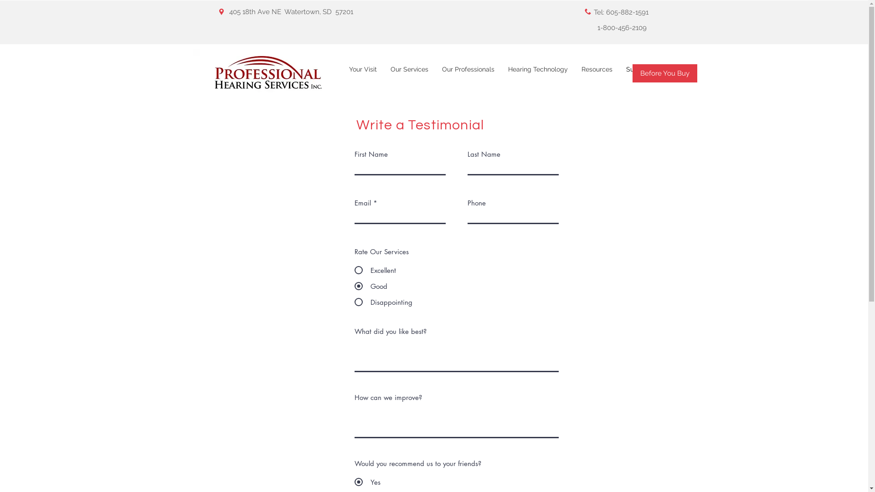  Describe the element at coordinates (468, 73) in the screenshot. I see `'Our Professionals'` at that location.